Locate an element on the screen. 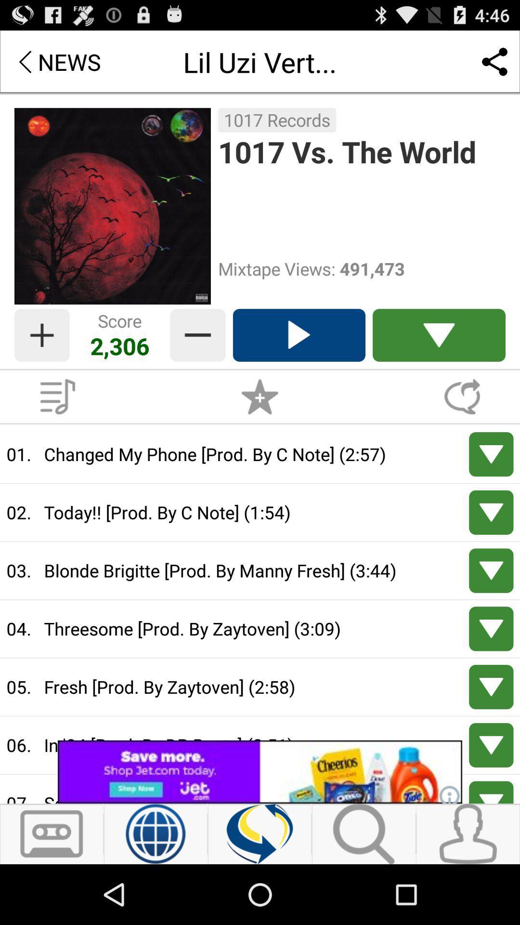 The height and width of the screenshot is (925, 520). down is located at coordinates (491, 454).